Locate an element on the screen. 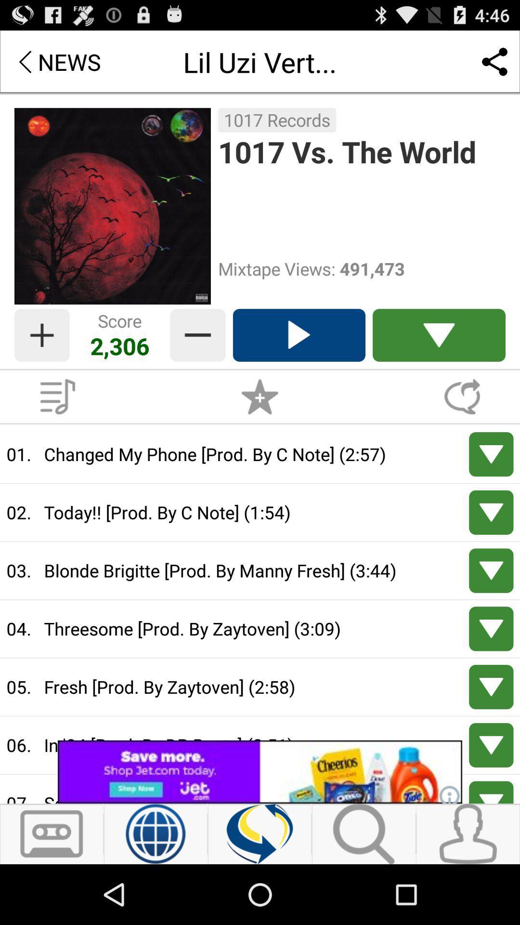 The height and width of the screenshot is (925, 520). down is located at coordinates (491, 454).